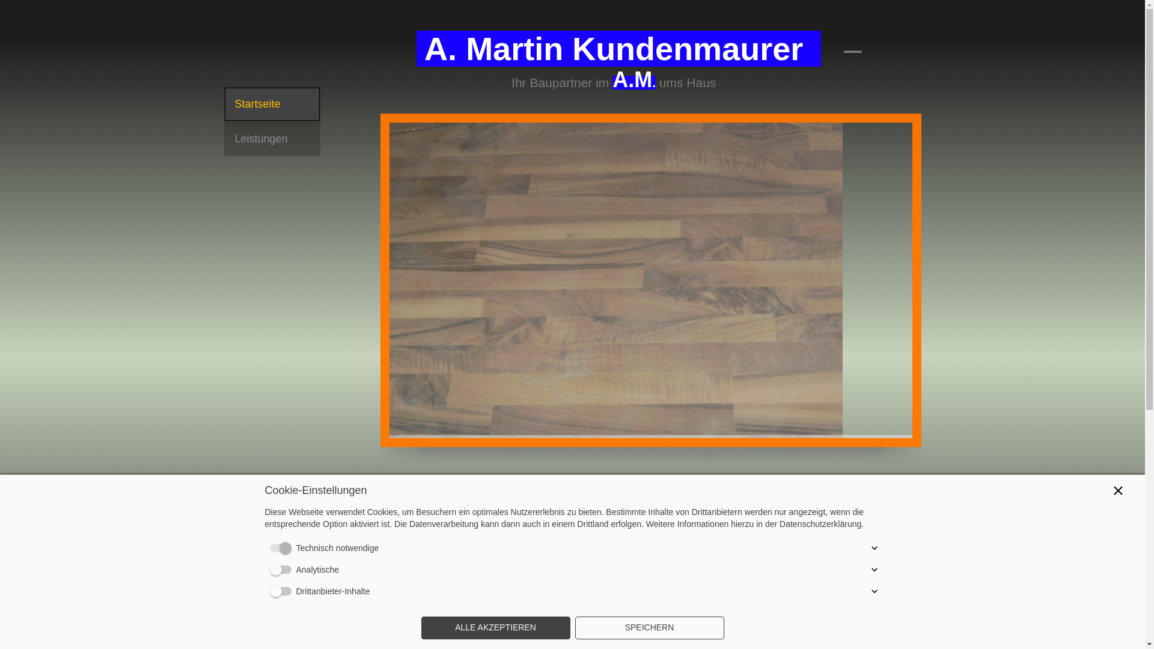 This screenshot has width=1154, height=649. What do you see at coordinates (270, 103) in the screenshot?
I see `'Startseite'` at bounding box center [270, 103].